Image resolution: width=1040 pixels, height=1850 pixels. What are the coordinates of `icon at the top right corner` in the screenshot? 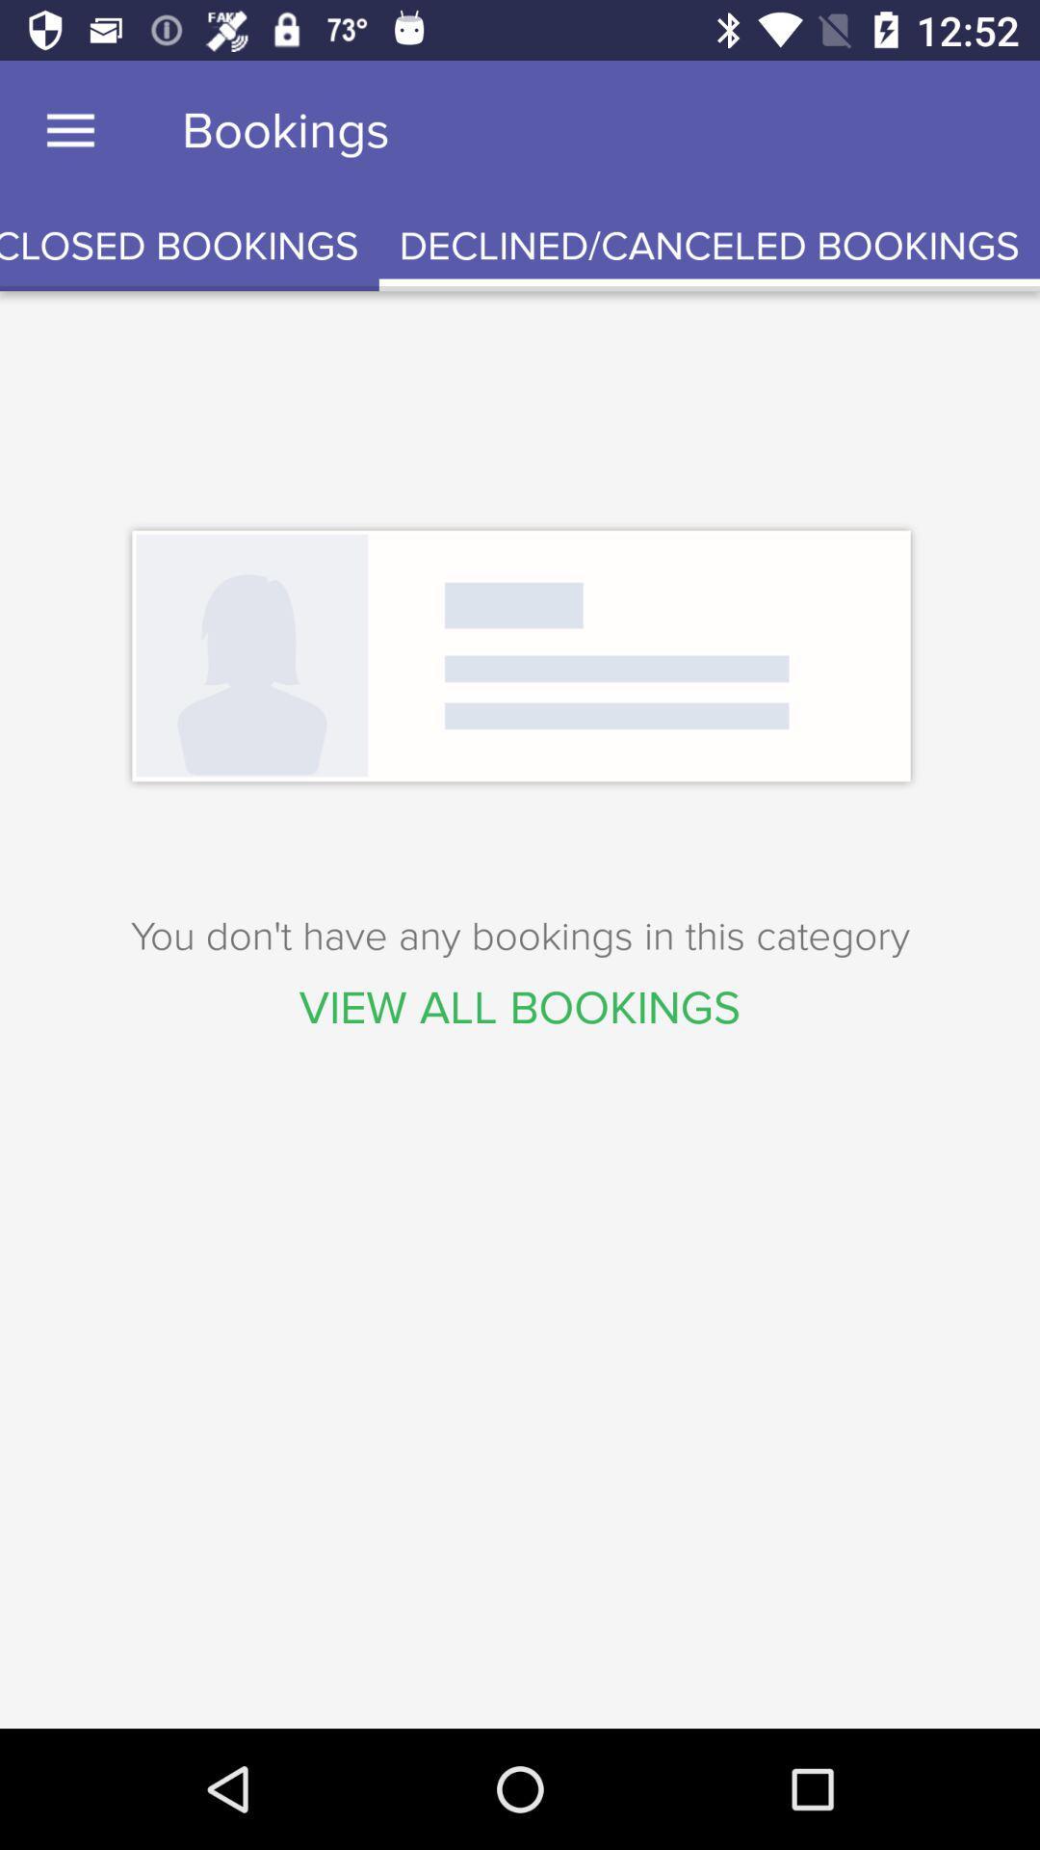 It's located at (709, 246).